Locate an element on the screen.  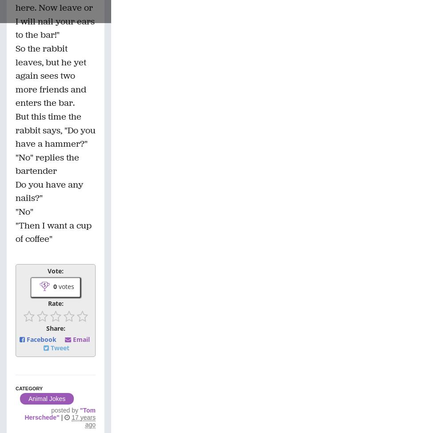
'But this time the rabbit says, "Do you have a hammer?"' is located at coordinates (15, 129).